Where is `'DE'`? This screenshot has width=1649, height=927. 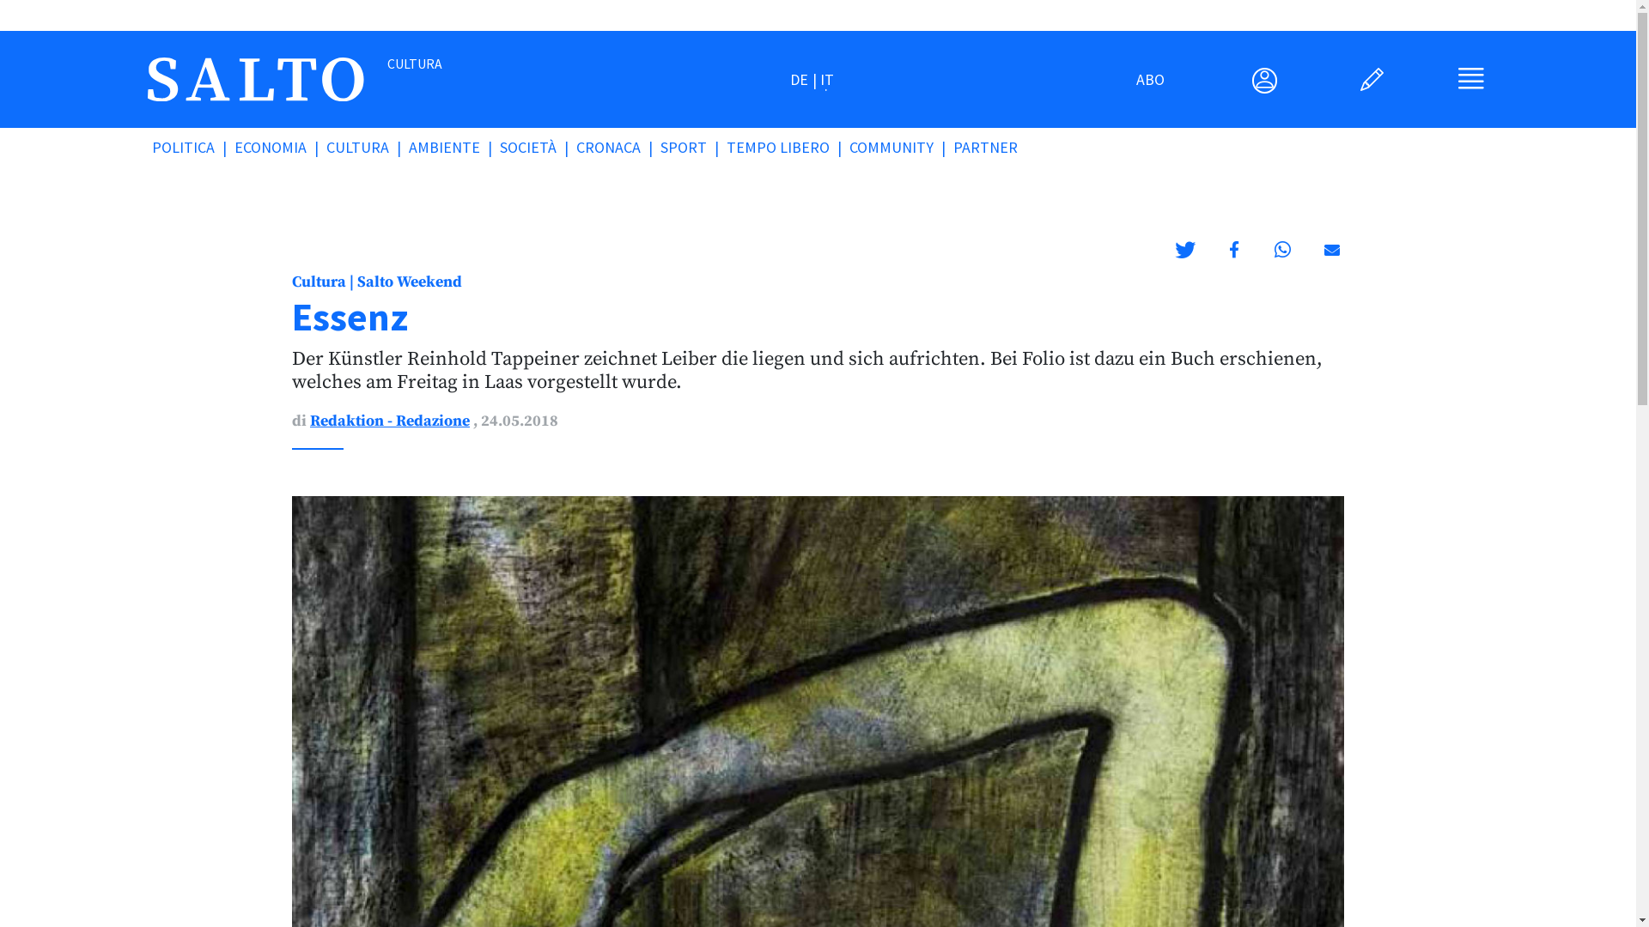 'DE' is located at coordinates (802, 79).